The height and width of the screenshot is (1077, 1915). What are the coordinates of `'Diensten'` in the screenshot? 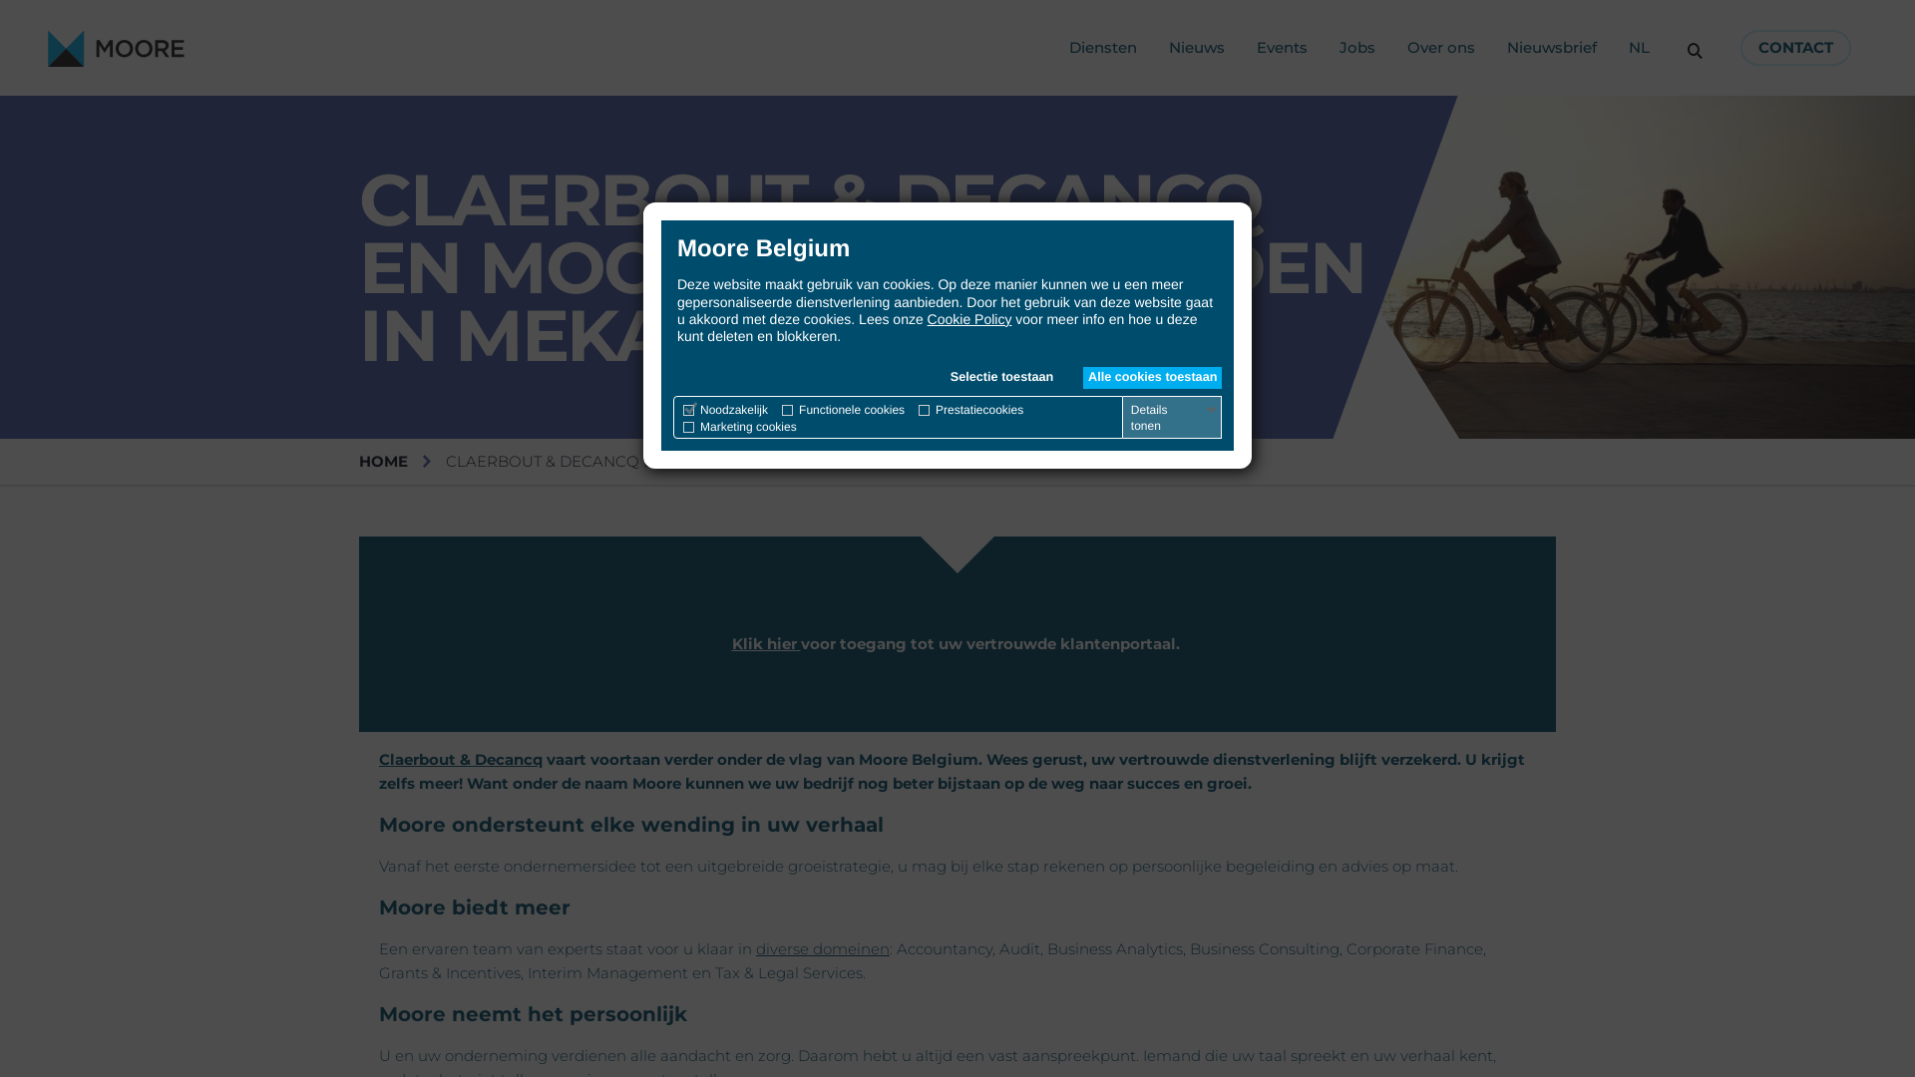 It's located at (1101, 46).